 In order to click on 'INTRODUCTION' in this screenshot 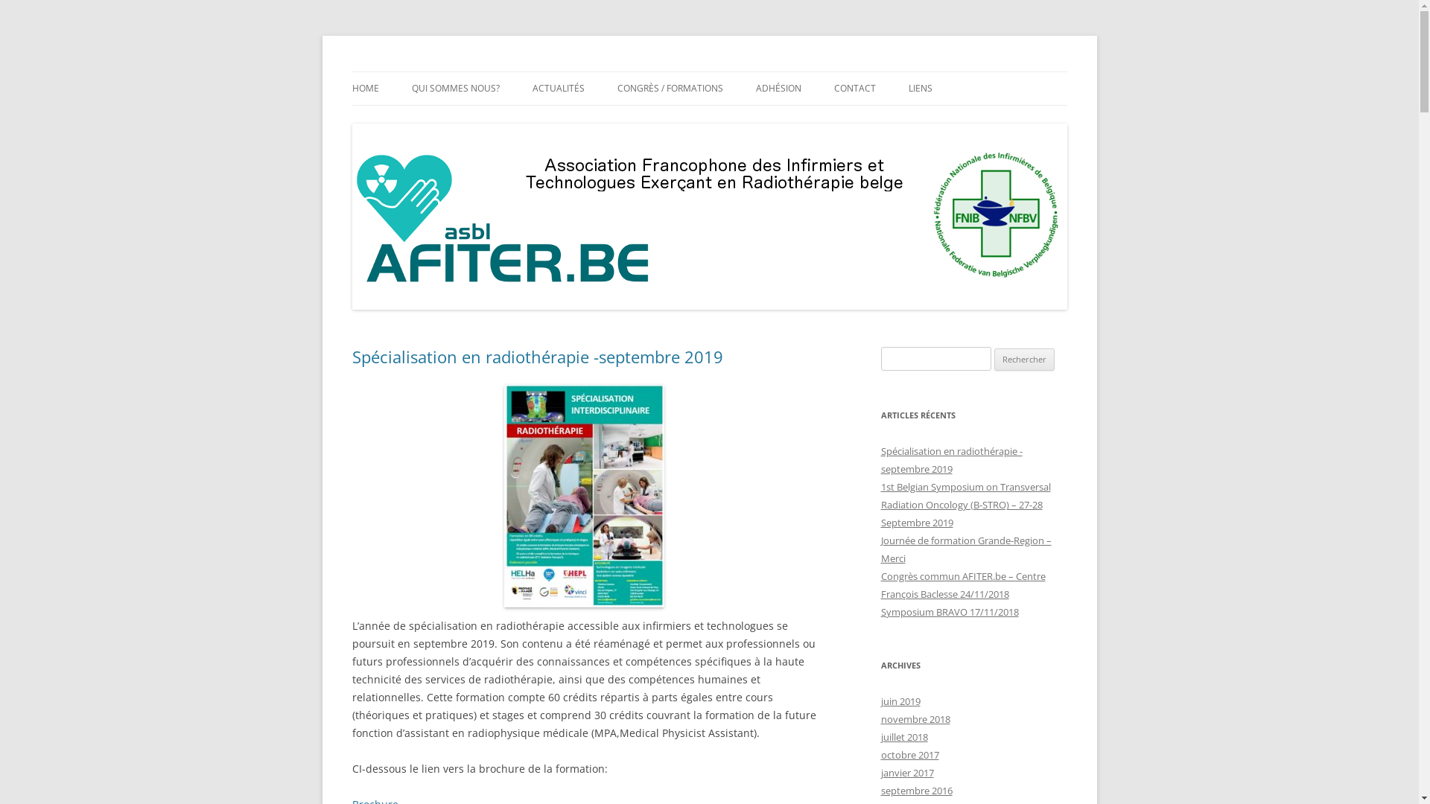, I will do `click(411, 119)`.